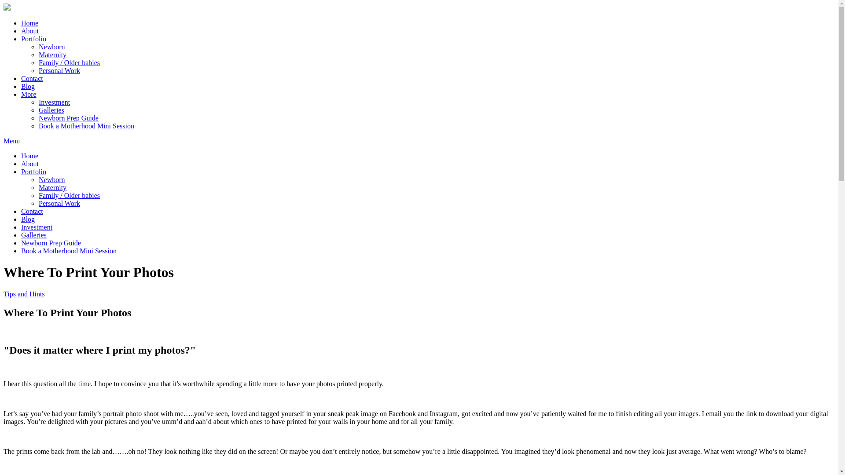 The image size is (845, 475). What do you see at coordinates (51, 47) in the screenshot?
I see `'Newborn'` at bounding box center [51, 47].